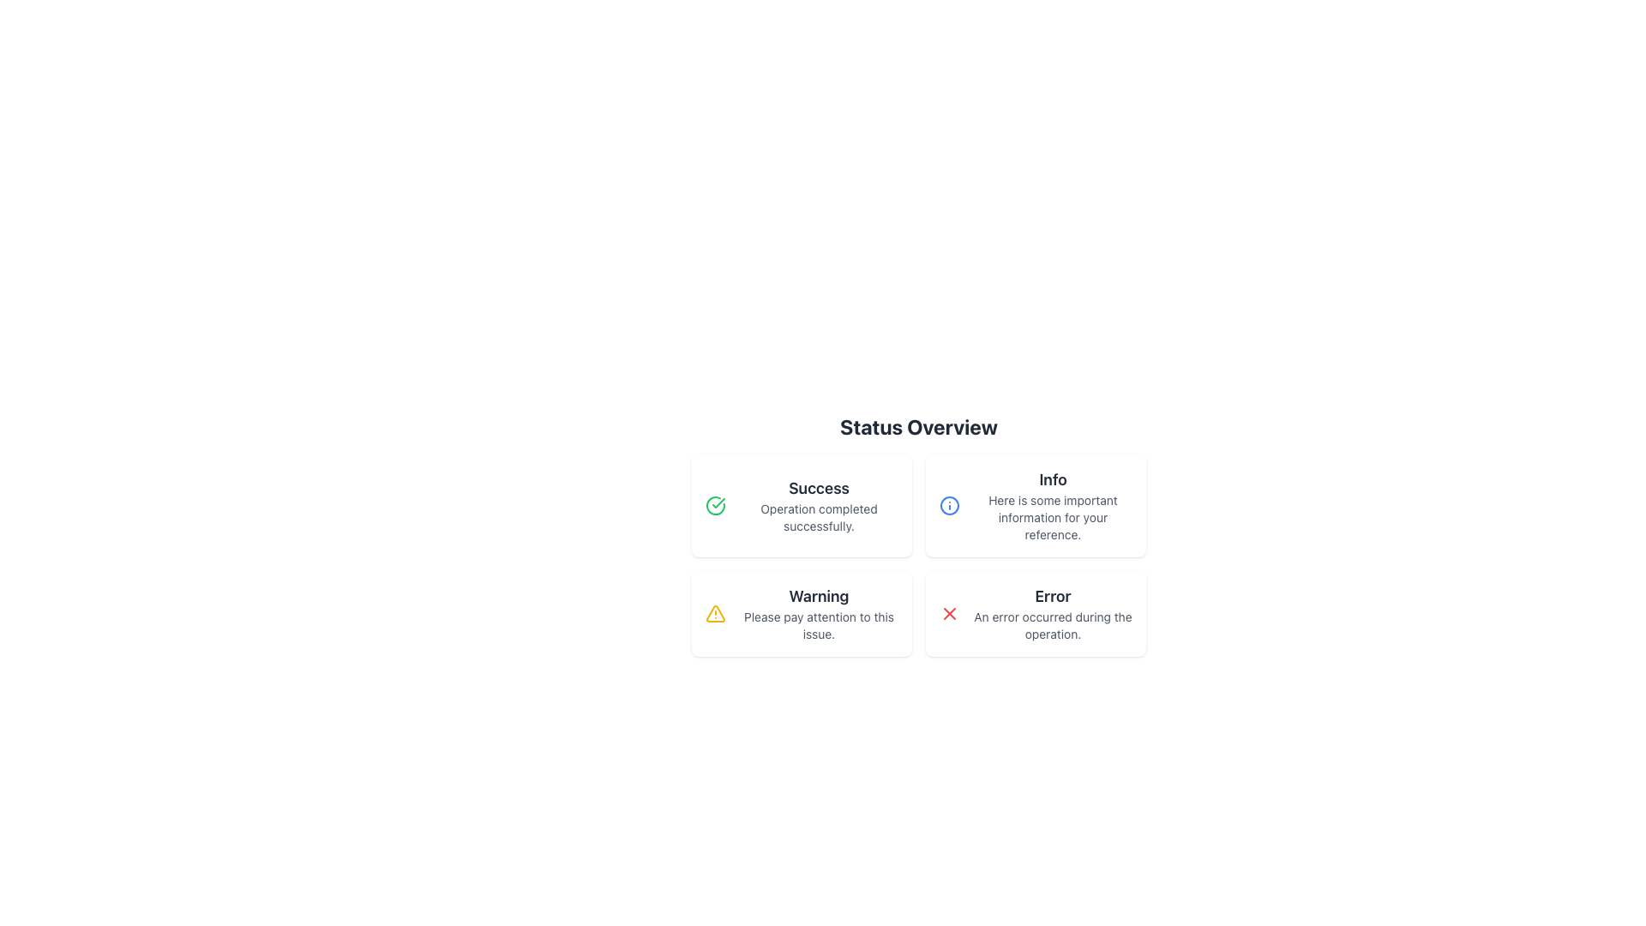 This screenshot has width=1646, height=926. What do you see at coordinates (818, 489) in the screenshot?
I see `the text label heading that signifies the successful completion of an operation` at bounding box center [818, 489].